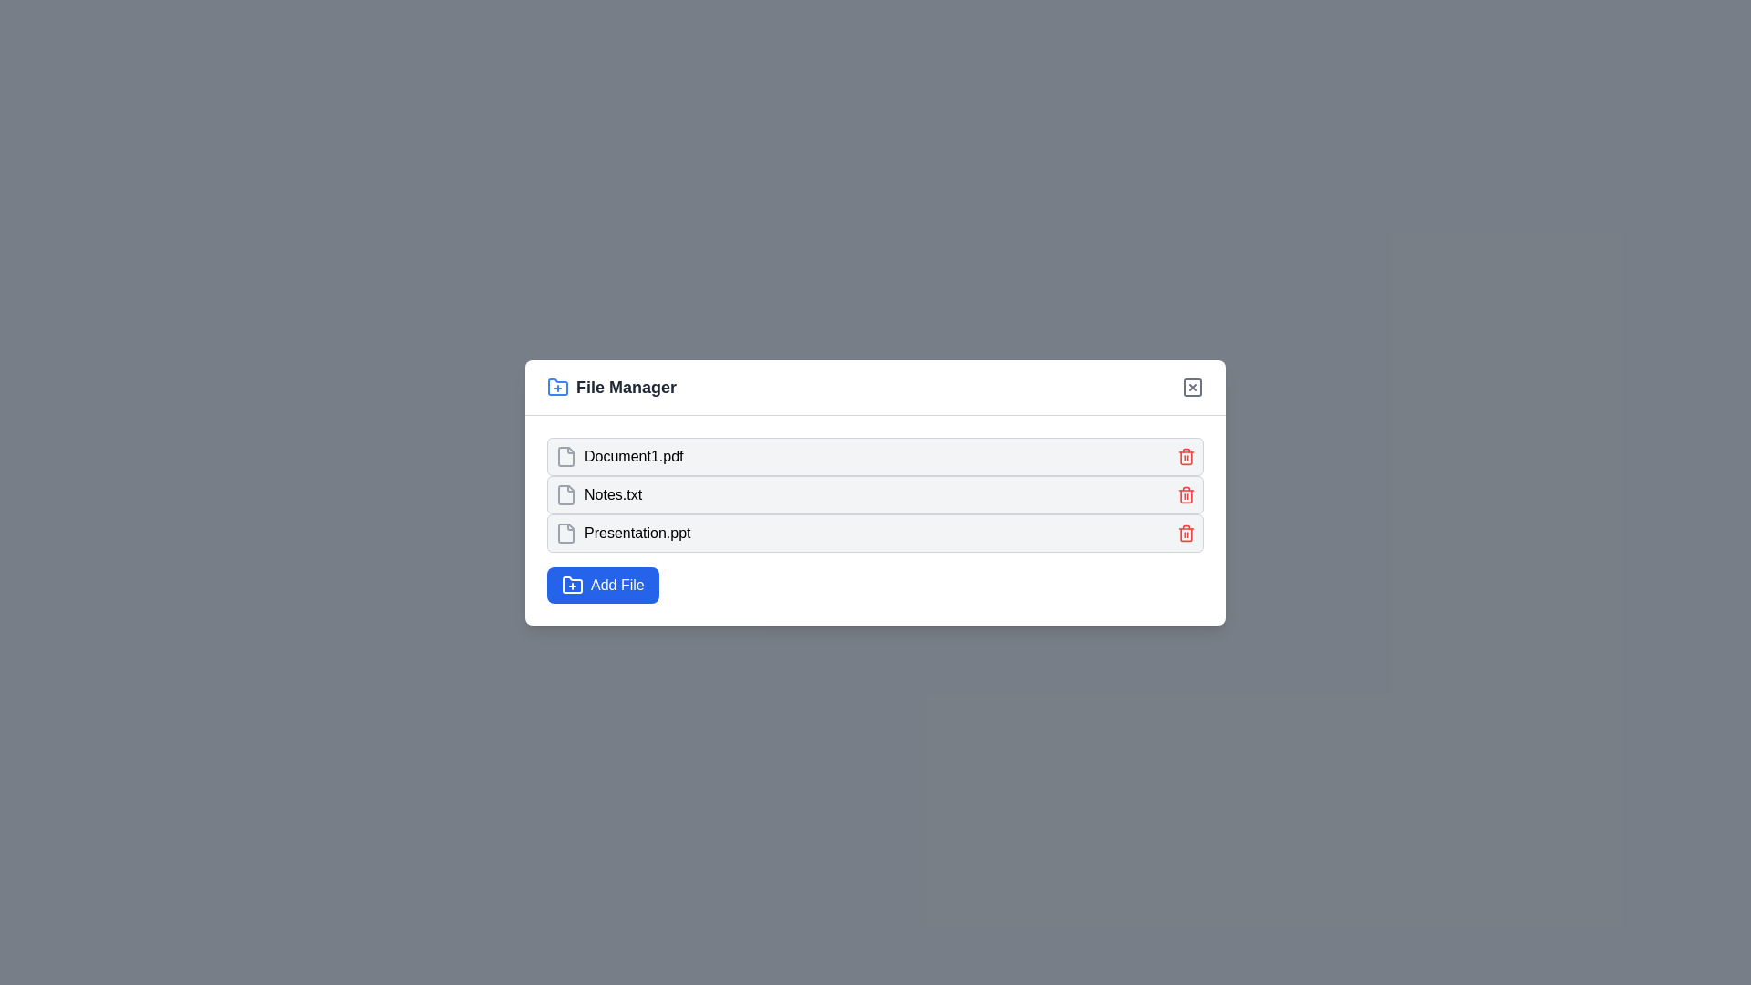 Image resolution: width=1751 pixels, height=985 pixels. Describe the element at coordinates (565, 455) in the screenshot. I see `the icon located to the left of the text 'Document1.pdf' in the file list display, which is part of the first row in the list` at that location.